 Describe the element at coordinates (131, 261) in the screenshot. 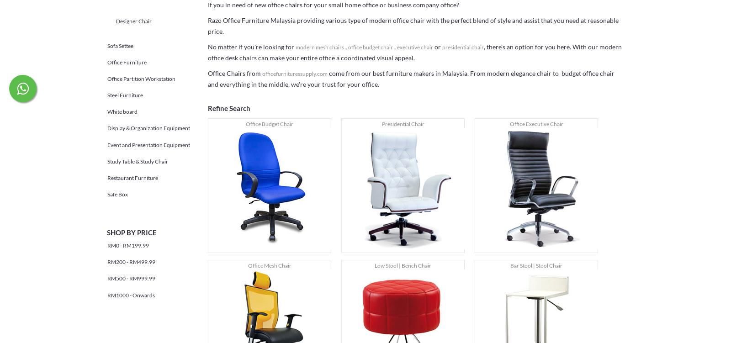

I see `'RM200 - RM499.99'` at that location.